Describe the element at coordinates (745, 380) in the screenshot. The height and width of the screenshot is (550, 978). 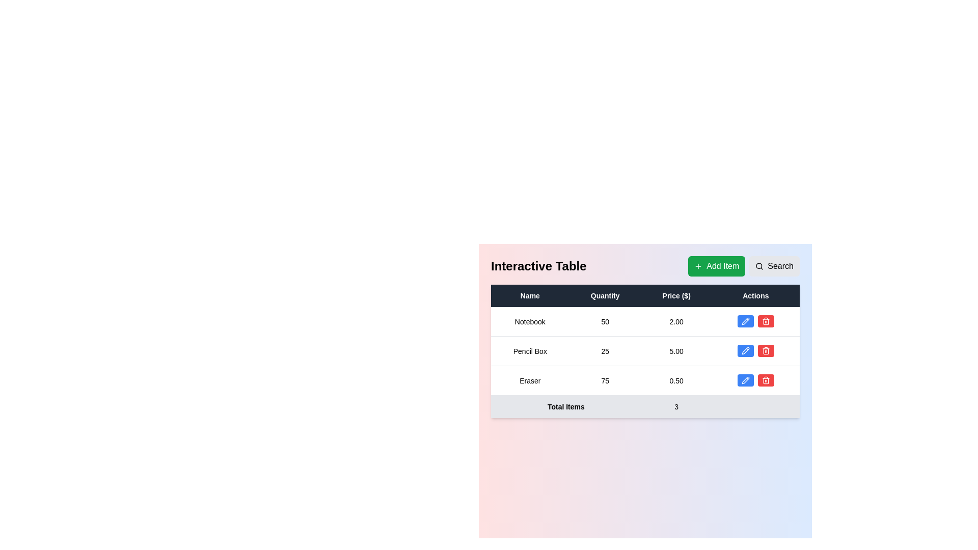
I see `the edit icon button located in the last row of the table, within the 'Actions' column` at that location.